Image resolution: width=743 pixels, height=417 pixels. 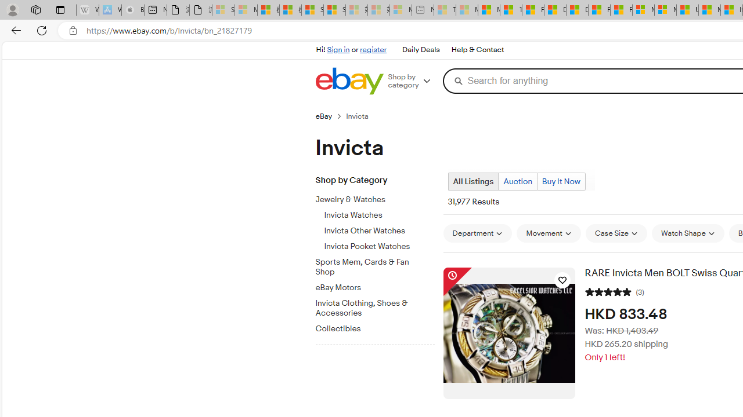 I want to click on 'Movement', so click(x=548, y=233).